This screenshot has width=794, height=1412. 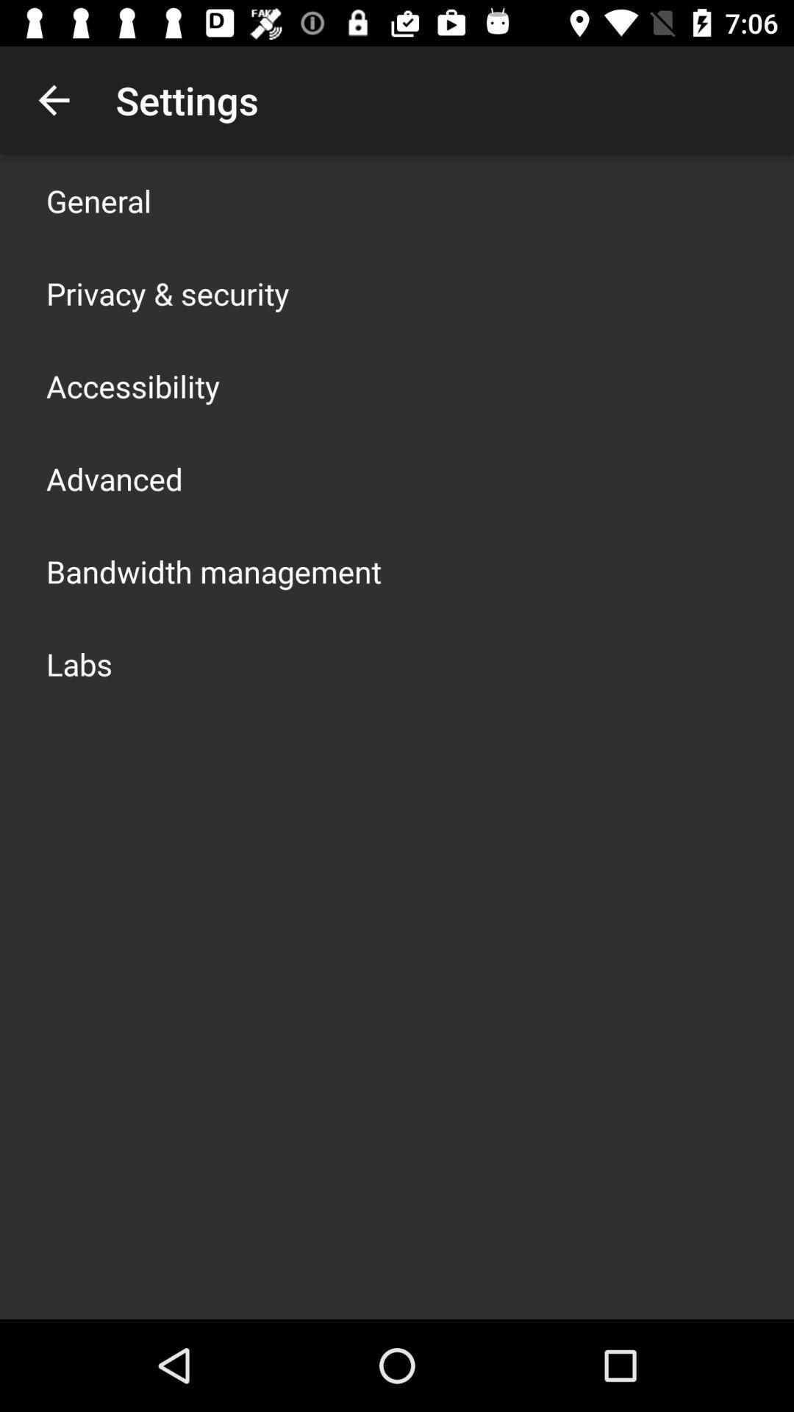 What do you see at coordinates (113, 479) in the screenshot?
I see `the item above bandwidth management item` at bounding box center [113, 479].